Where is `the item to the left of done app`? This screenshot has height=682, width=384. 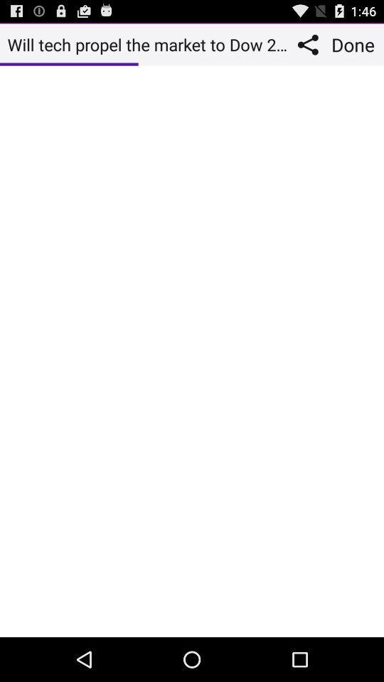 the item to the left of done app is located at coordinates (311, 44).